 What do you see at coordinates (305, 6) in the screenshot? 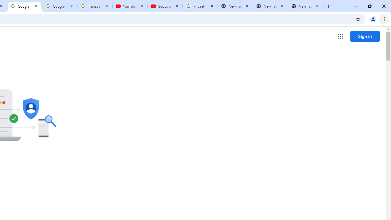
I see `'New Tab'` at bounding box center [305, 6].